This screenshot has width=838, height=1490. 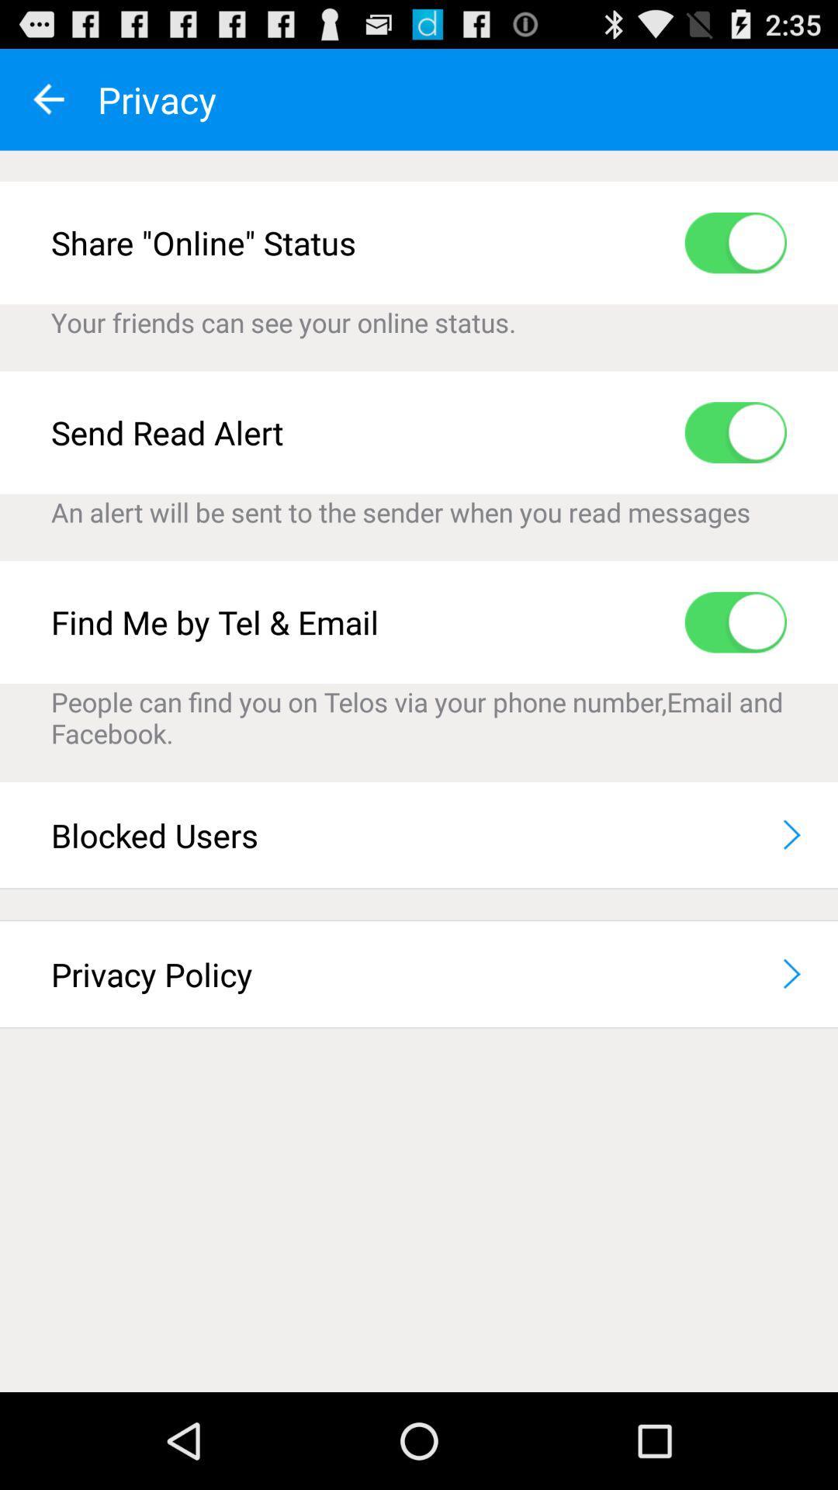 I want to click on the icon above an alert will icon, so click(x=735, y=432).